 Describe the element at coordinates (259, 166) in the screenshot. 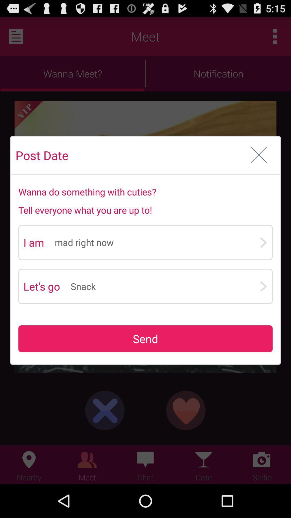

I see `the close icon` at that location.